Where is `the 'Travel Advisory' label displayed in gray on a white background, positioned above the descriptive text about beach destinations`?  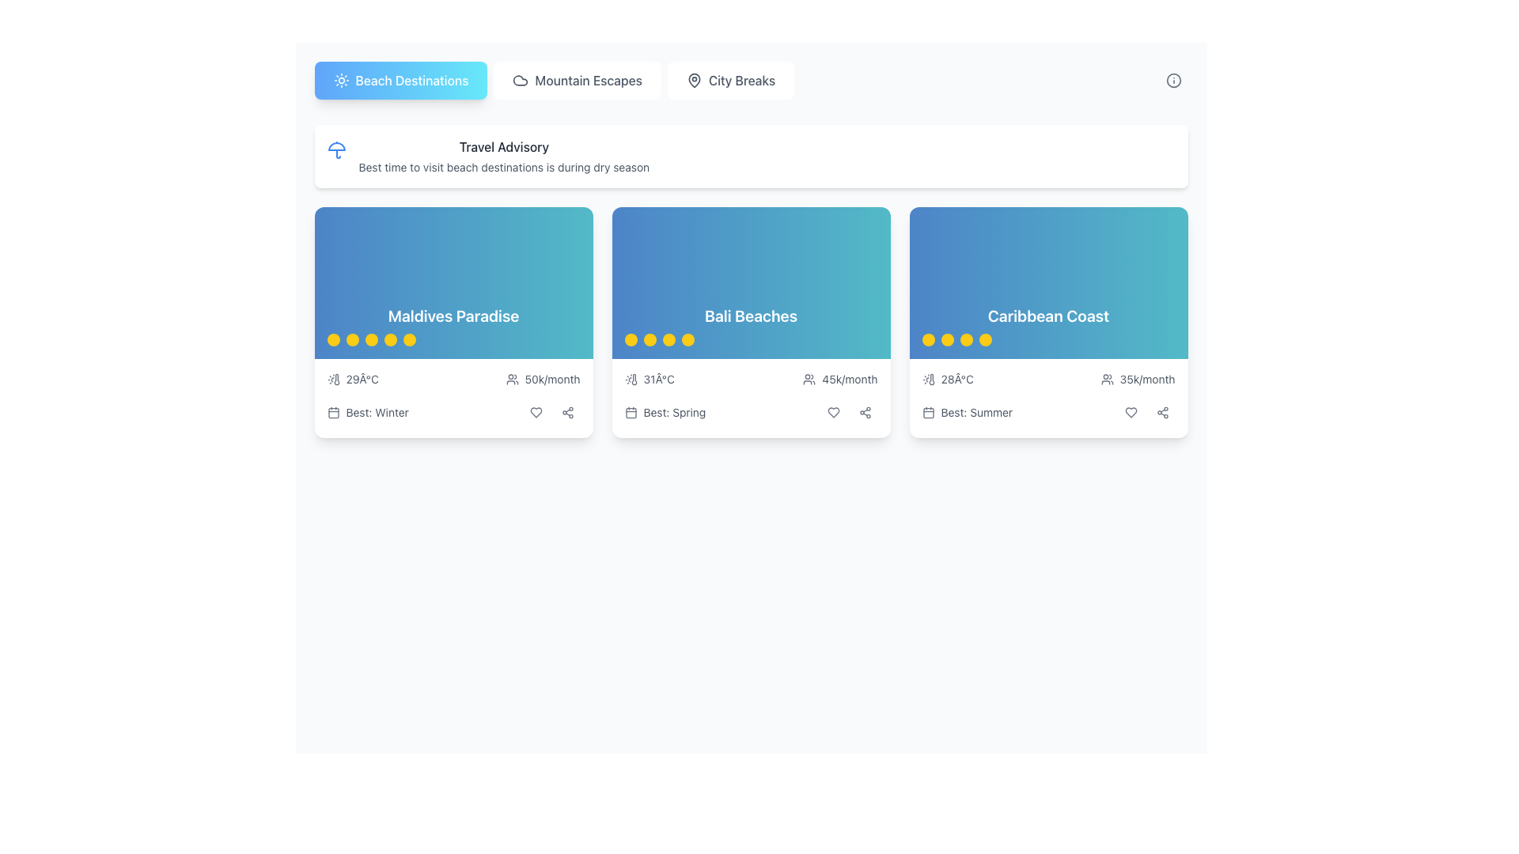 the 'Travel Advisory' label displayed in gray on a white background, positioned above the descriptive text about beach destinations is located at coordinates (503, 146).